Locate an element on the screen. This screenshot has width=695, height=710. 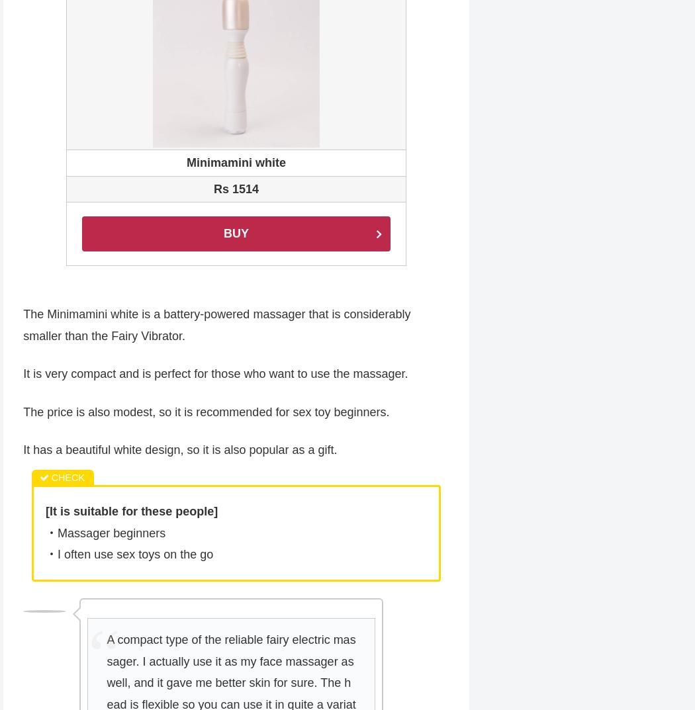
'Minimamini white' is located at coordinates (235, 163).